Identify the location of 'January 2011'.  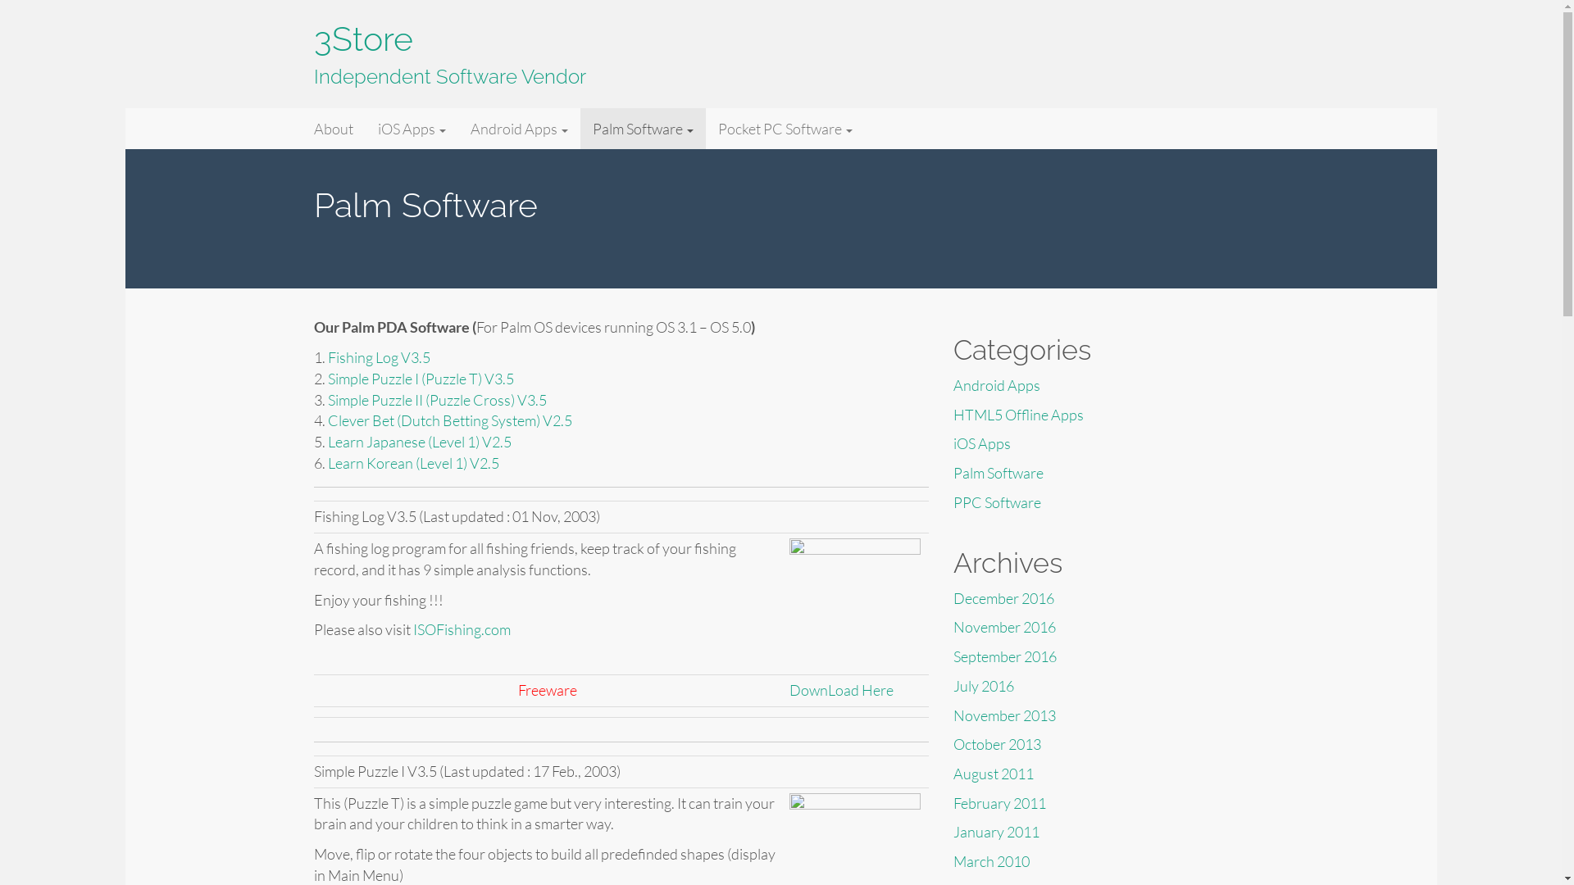
(994, 831).